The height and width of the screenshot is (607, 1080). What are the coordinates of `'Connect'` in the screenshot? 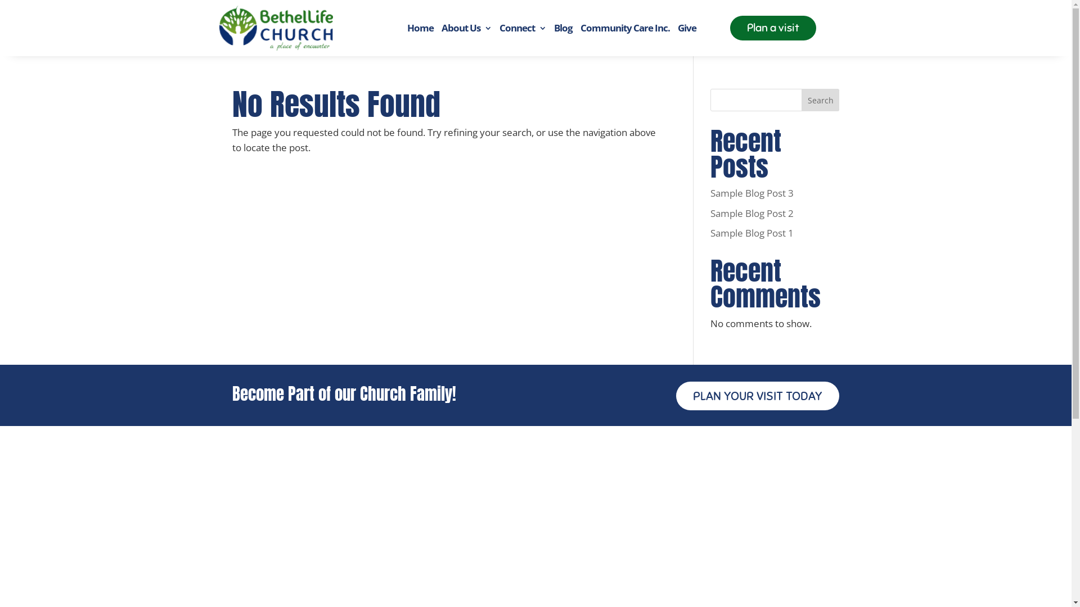 It's located at (522, 28).